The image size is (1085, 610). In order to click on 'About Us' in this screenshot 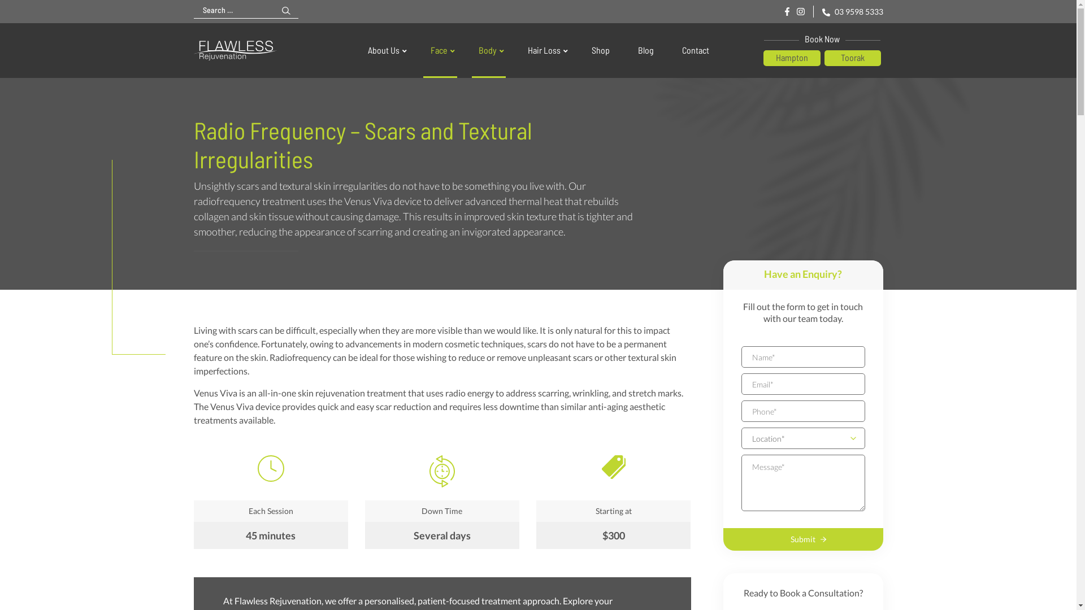, I will do `click(384, 50)`.